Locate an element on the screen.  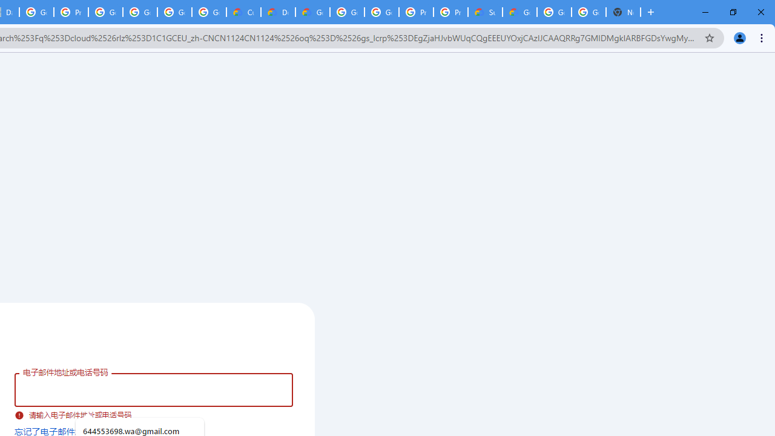
'Support Hub | Google Cloud' is located at coordinates (485, 12).